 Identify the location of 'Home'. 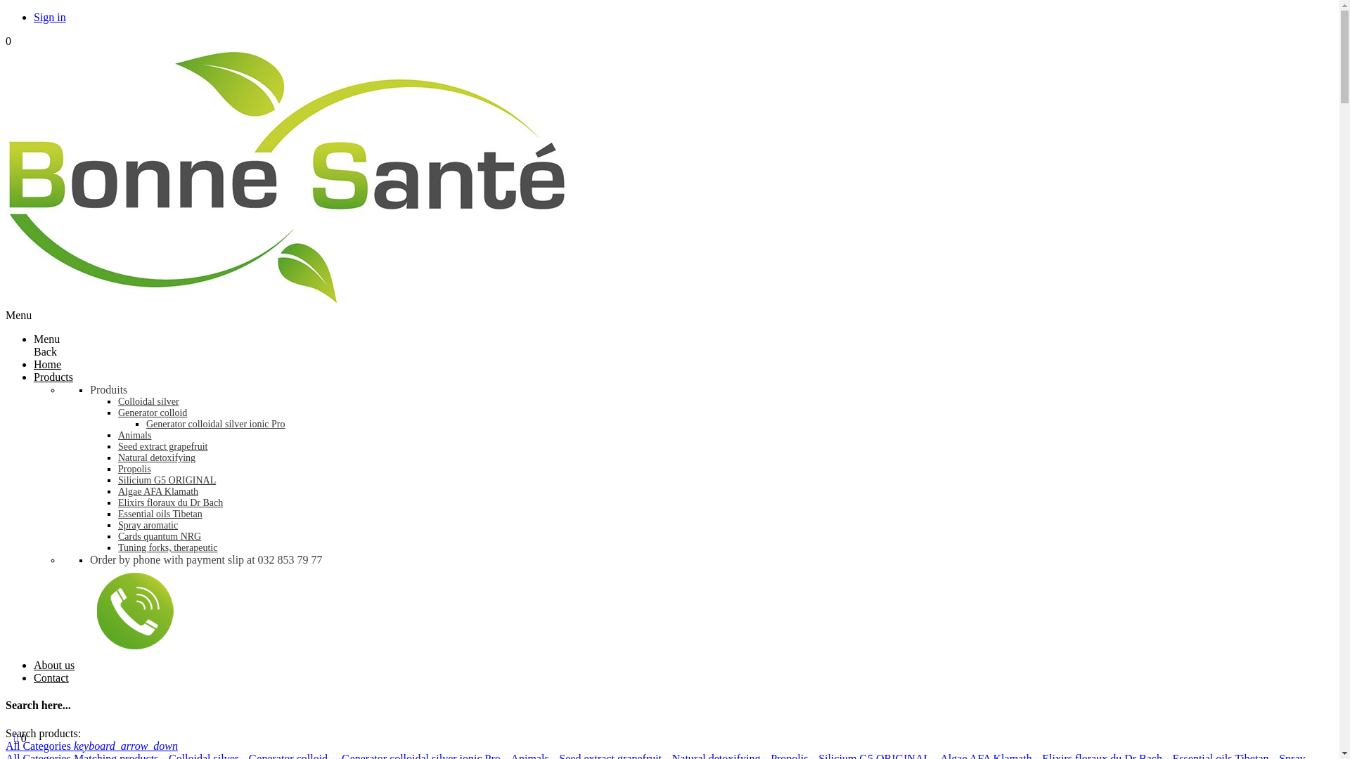
(47, 363).